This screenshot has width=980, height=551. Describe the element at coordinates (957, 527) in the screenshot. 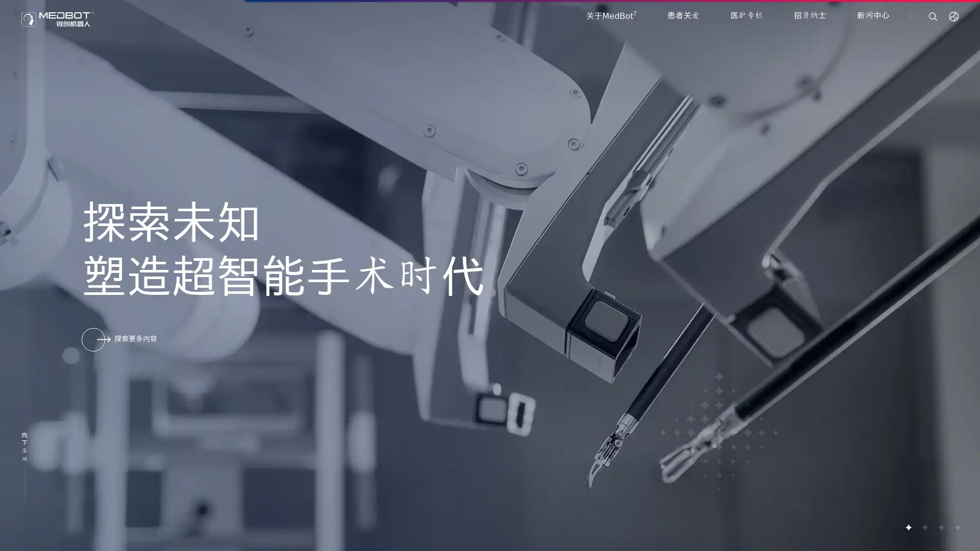

I see `Go to slide 4` at that location.